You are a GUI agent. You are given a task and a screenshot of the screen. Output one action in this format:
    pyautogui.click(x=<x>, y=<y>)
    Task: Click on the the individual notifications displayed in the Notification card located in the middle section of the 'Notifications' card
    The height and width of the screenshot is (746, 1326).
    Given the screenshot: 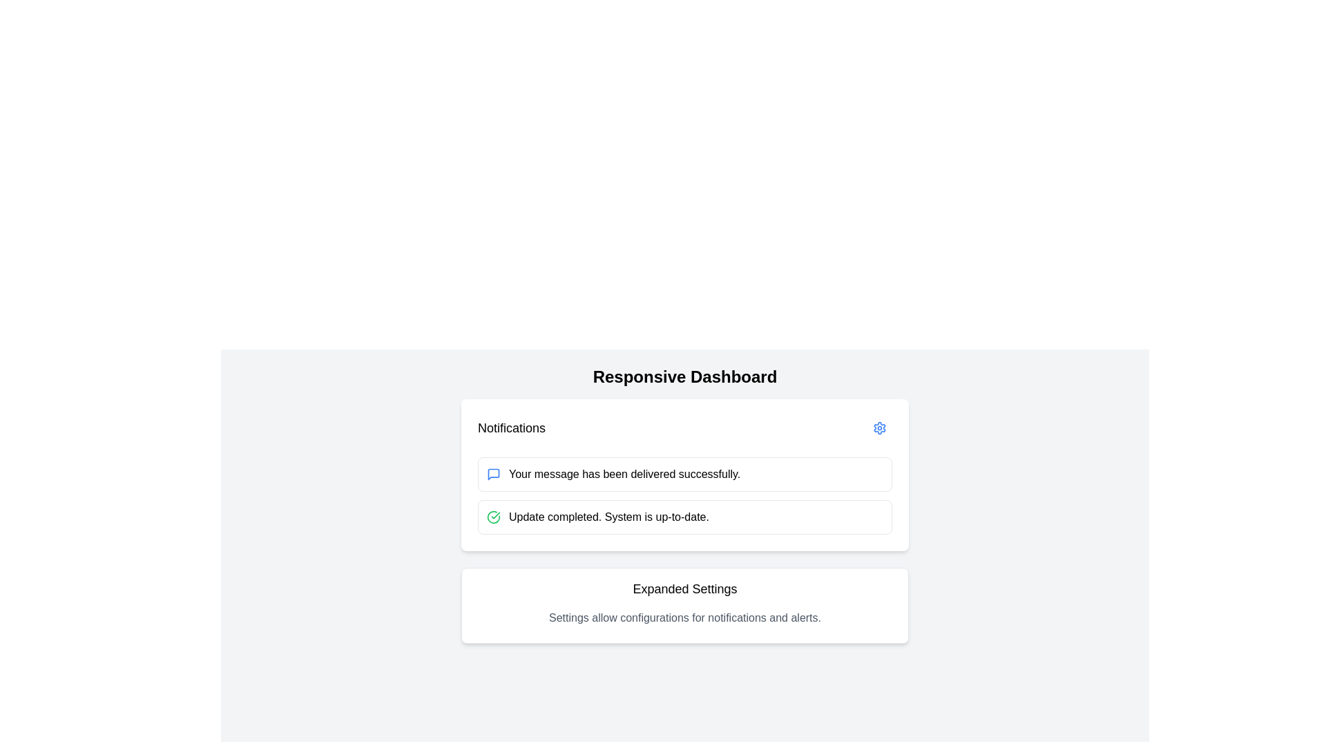 What is the action you would take?
    pyautogui.click(x=685, y=495)
    